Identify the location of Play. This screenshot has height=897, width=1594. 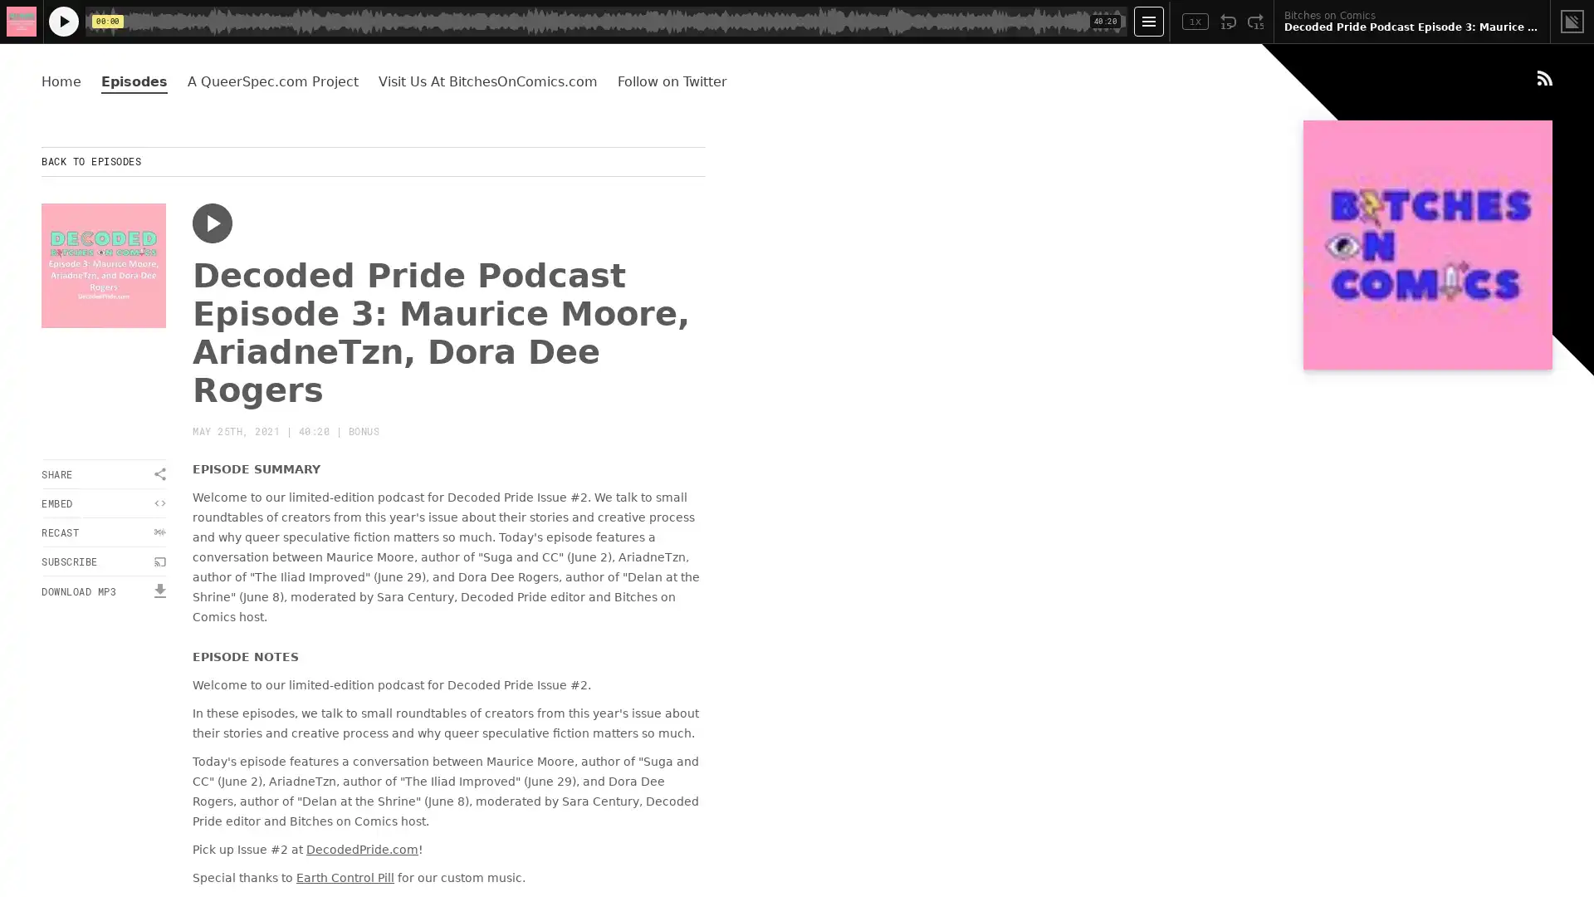
(63, 22).